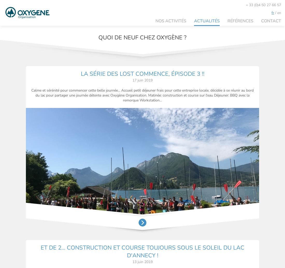  I want to click on '13 juin 2019', so click(142, 261).